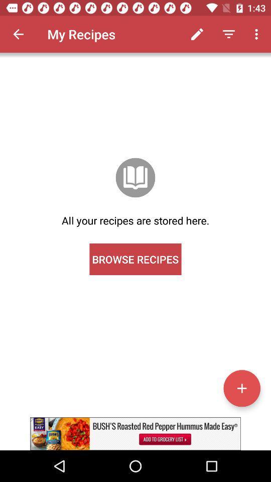  What do you see at coordinates (135, 433) in the screenshot?
I see `open advertisement` at bounding box center [135, 433].